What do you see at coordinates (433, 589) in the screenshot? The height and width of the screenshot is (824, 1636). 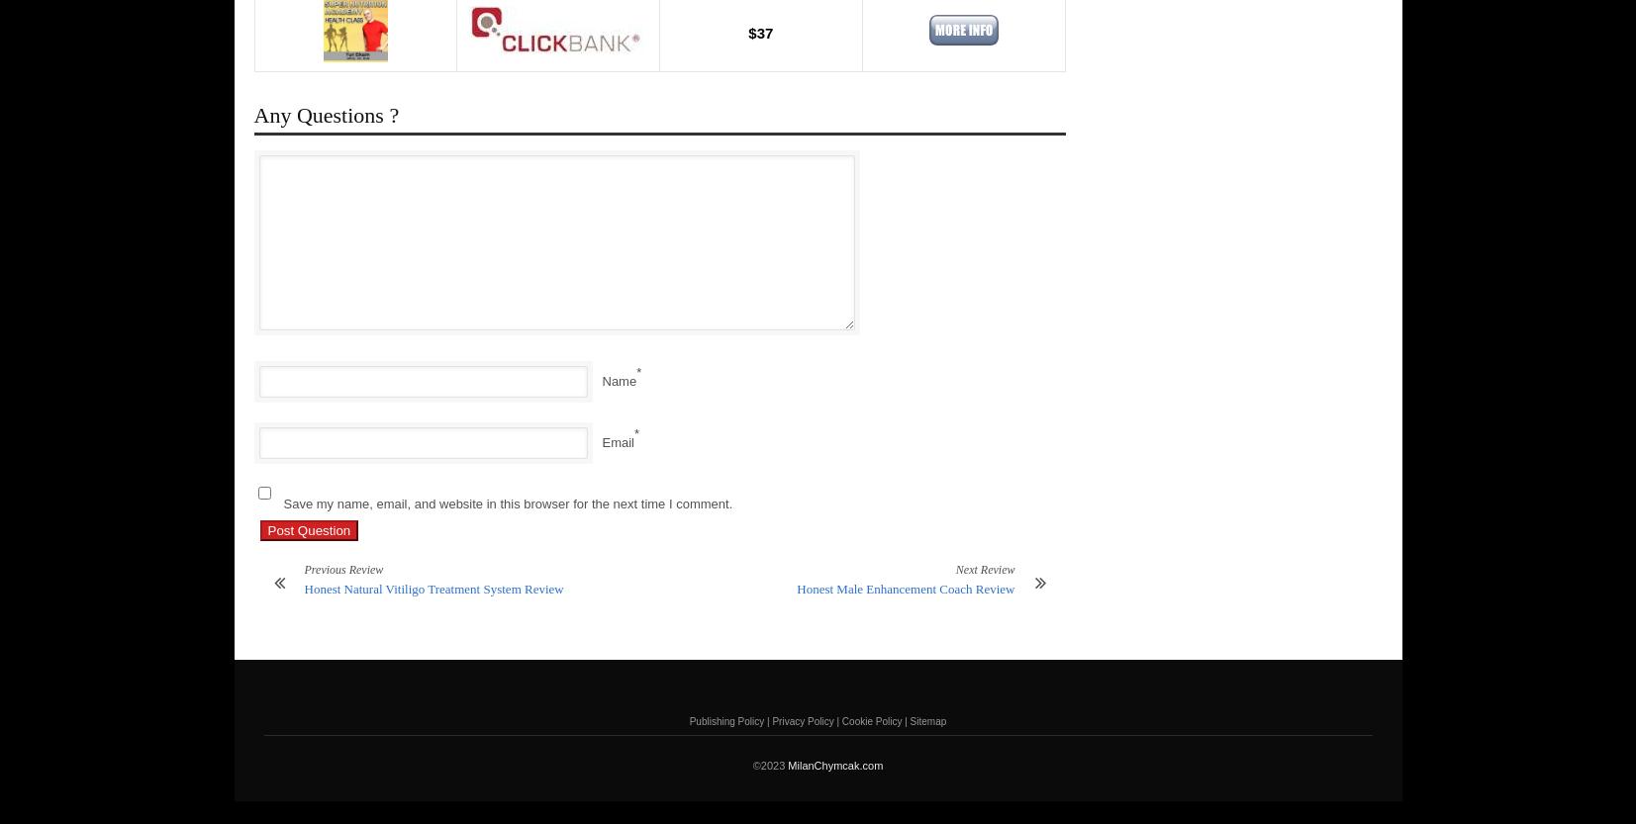 I see `'Honest Natural Vitiligo Treatment System Review'` at bounding box center [433, 589].